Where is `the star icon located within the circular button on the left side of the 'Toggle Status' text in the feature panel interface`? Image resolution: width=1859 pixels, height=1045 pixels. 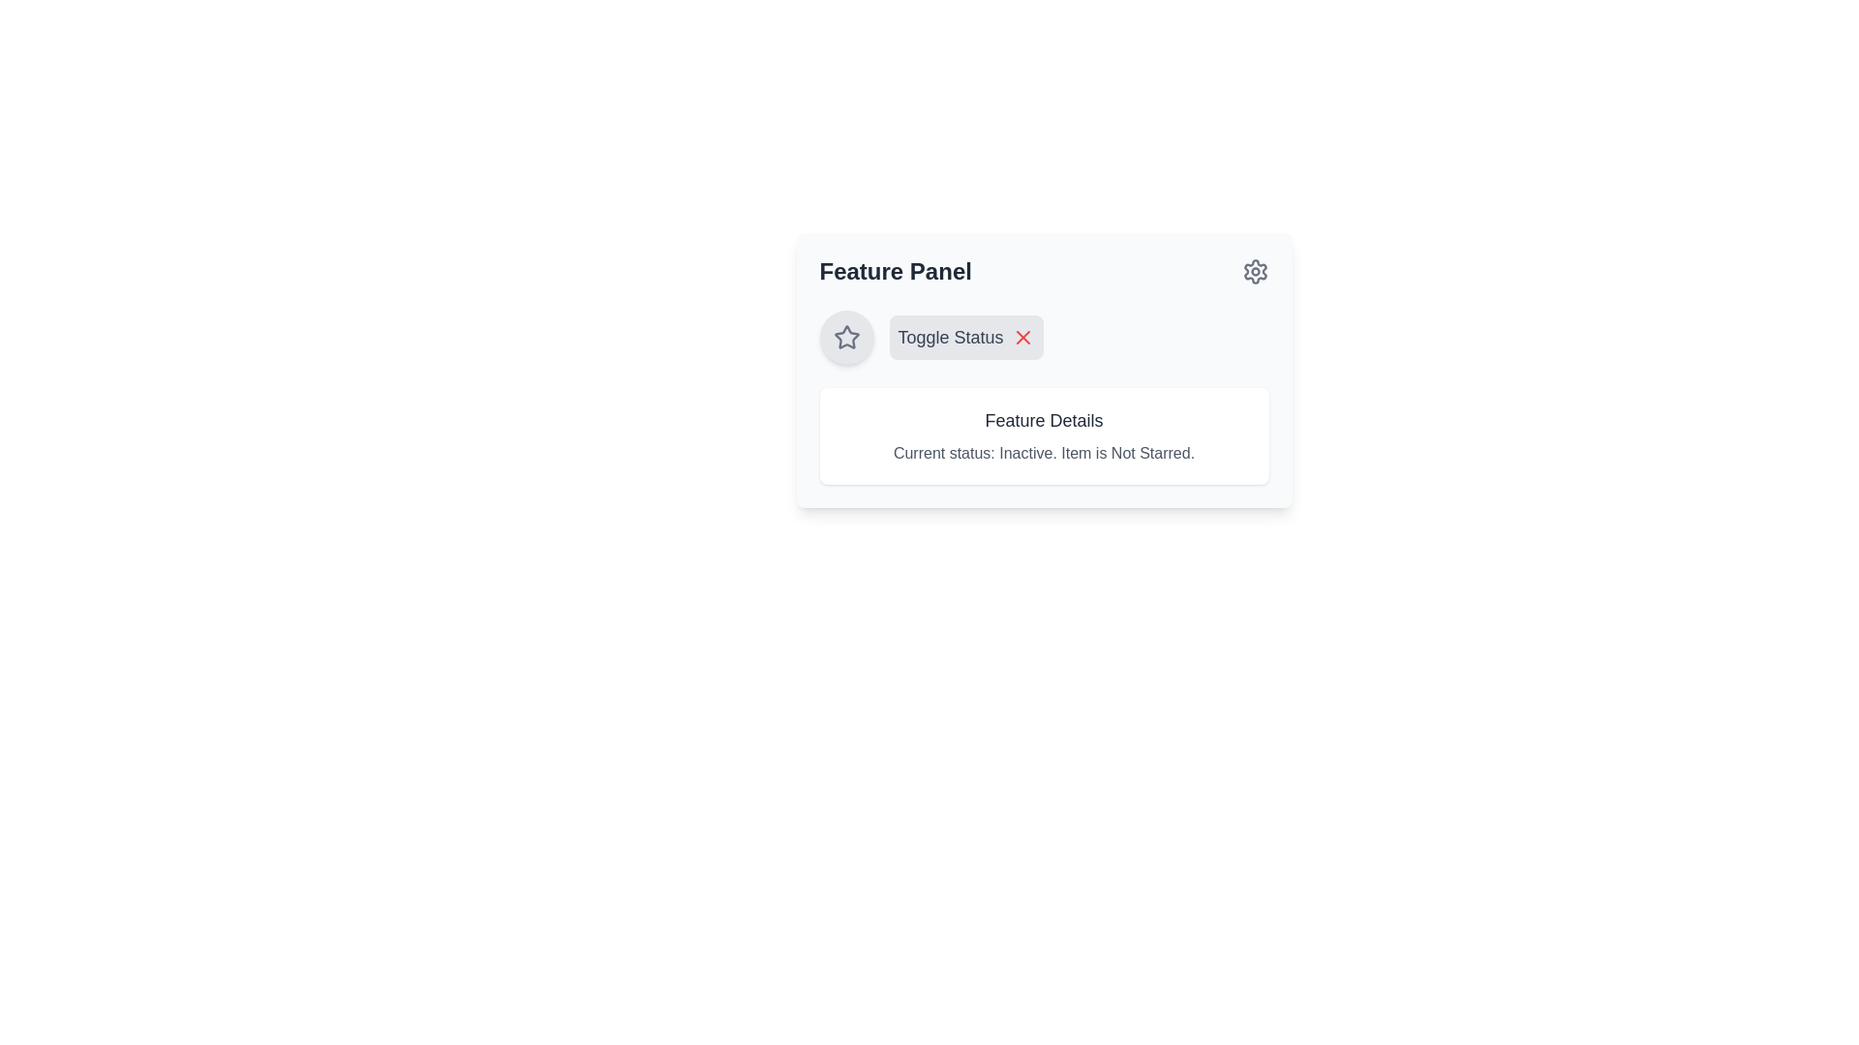
the star icon located within the circular button on the left side of the 'Toggle Status' text in the feature panel interface is located at coordinates (846, 336).